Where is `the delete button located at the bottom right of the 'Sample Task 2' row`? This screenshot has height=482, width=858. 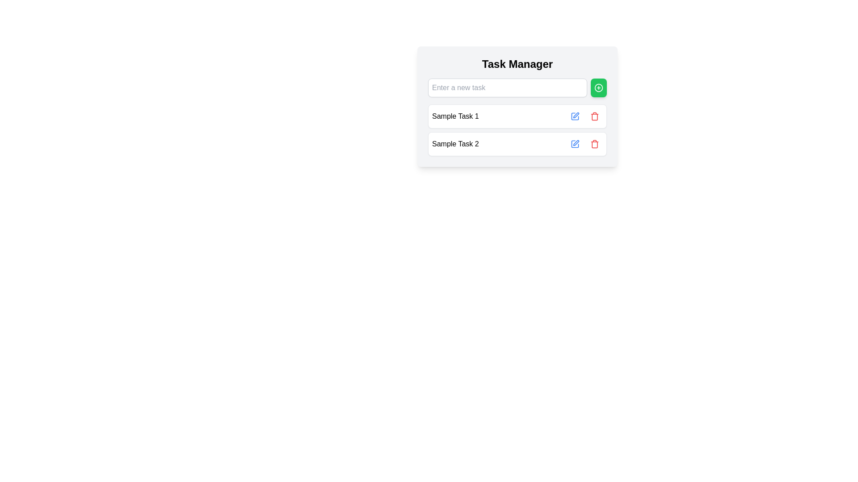
the delete button located at the bottom right of the 'Sample Task 2' row is located at coordinates (594, 144).